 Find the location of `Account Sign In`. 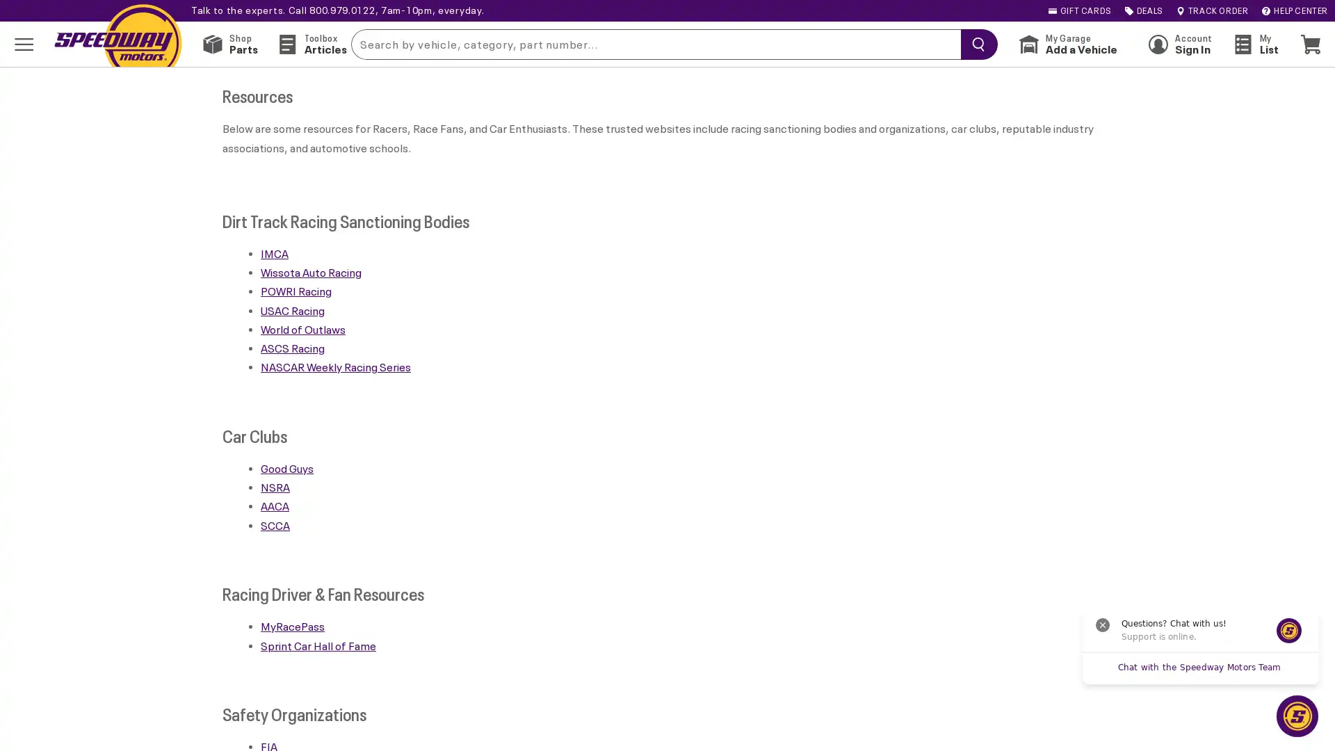

Account Sign In is located at coordinates (1179, 43).